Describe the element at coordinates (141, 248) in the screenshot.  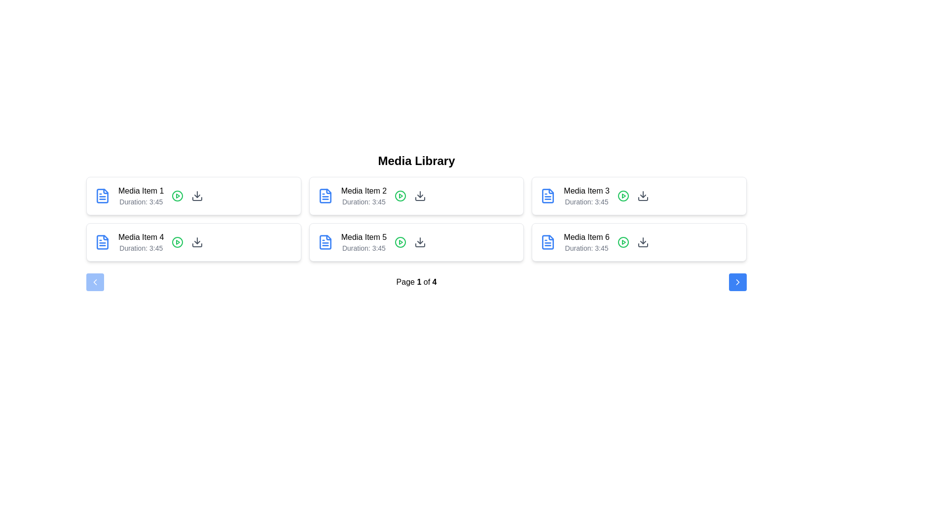
I see `the text label displaying 'Duration: 3:45' located beneath the title 'Media Item 4' in the card-like structure` at that location.